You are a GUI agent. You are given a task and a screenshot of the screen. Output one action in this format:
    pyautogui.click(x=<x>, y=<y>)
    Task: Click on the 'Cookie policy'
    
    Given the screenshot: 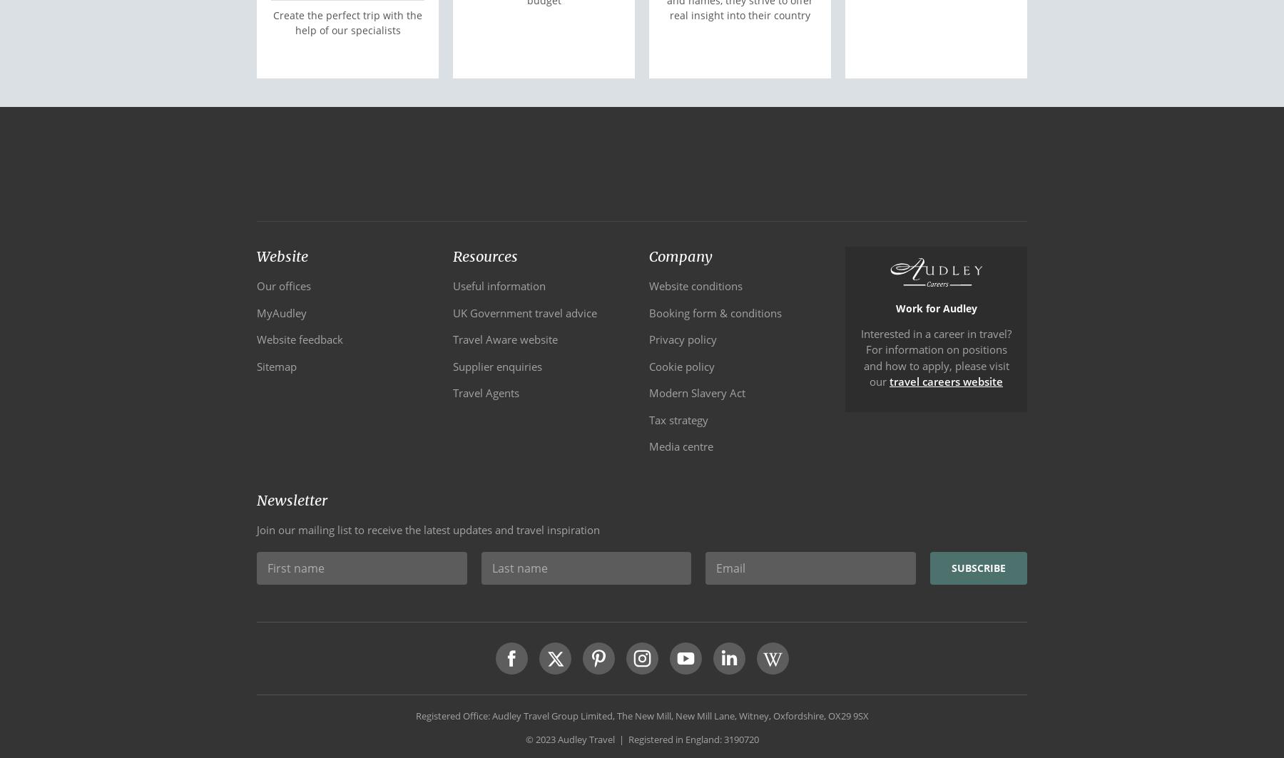 What is the action you would take?
    pyautogui.click(x=681, y=366)
    